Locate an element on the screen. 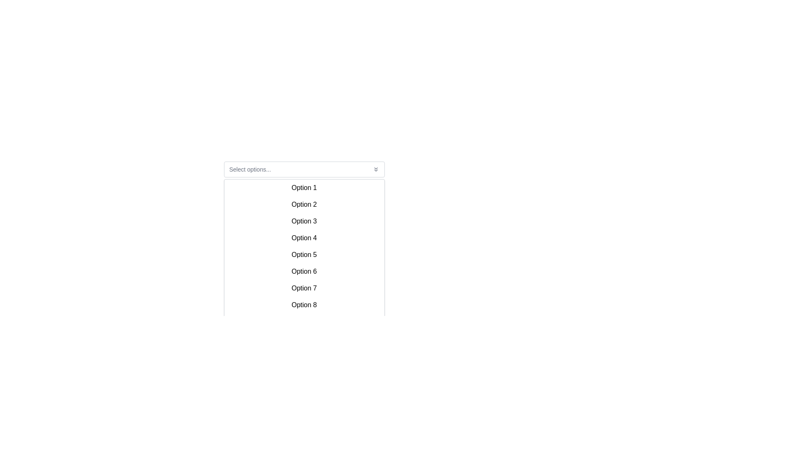 This screenshot has height=452, width=804. the text element reading 'Option 4' in the dropdown list, which is the fourth item styled with padding and hover effects is located at coordinates (304, 238).